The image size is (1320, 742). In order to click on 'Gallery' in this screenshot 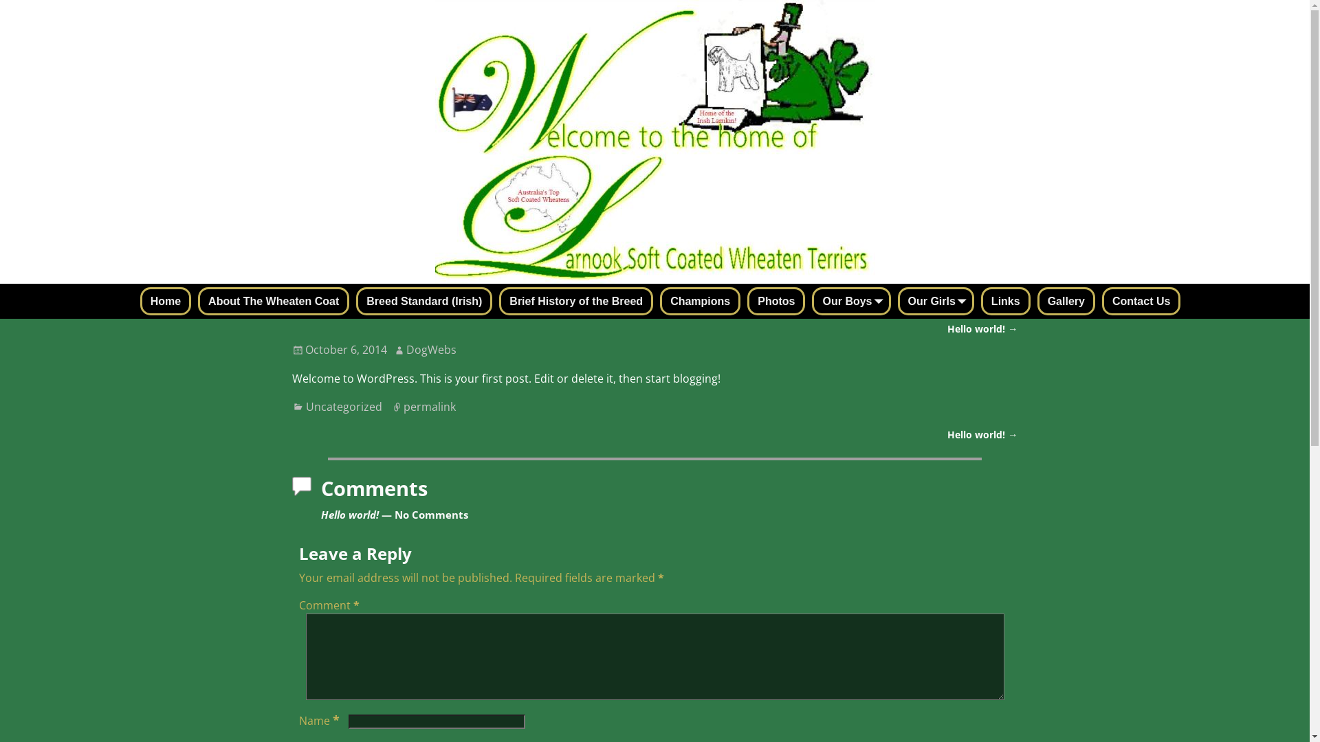, I will do `click(1065, 300)`.